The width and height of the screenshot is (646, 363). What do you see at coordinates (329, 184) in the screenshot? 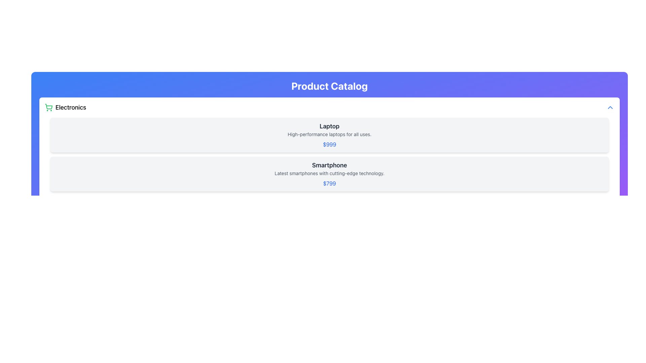
I see `the pricing text for the product 'Smartphone'` at bounding box center [329, 184].